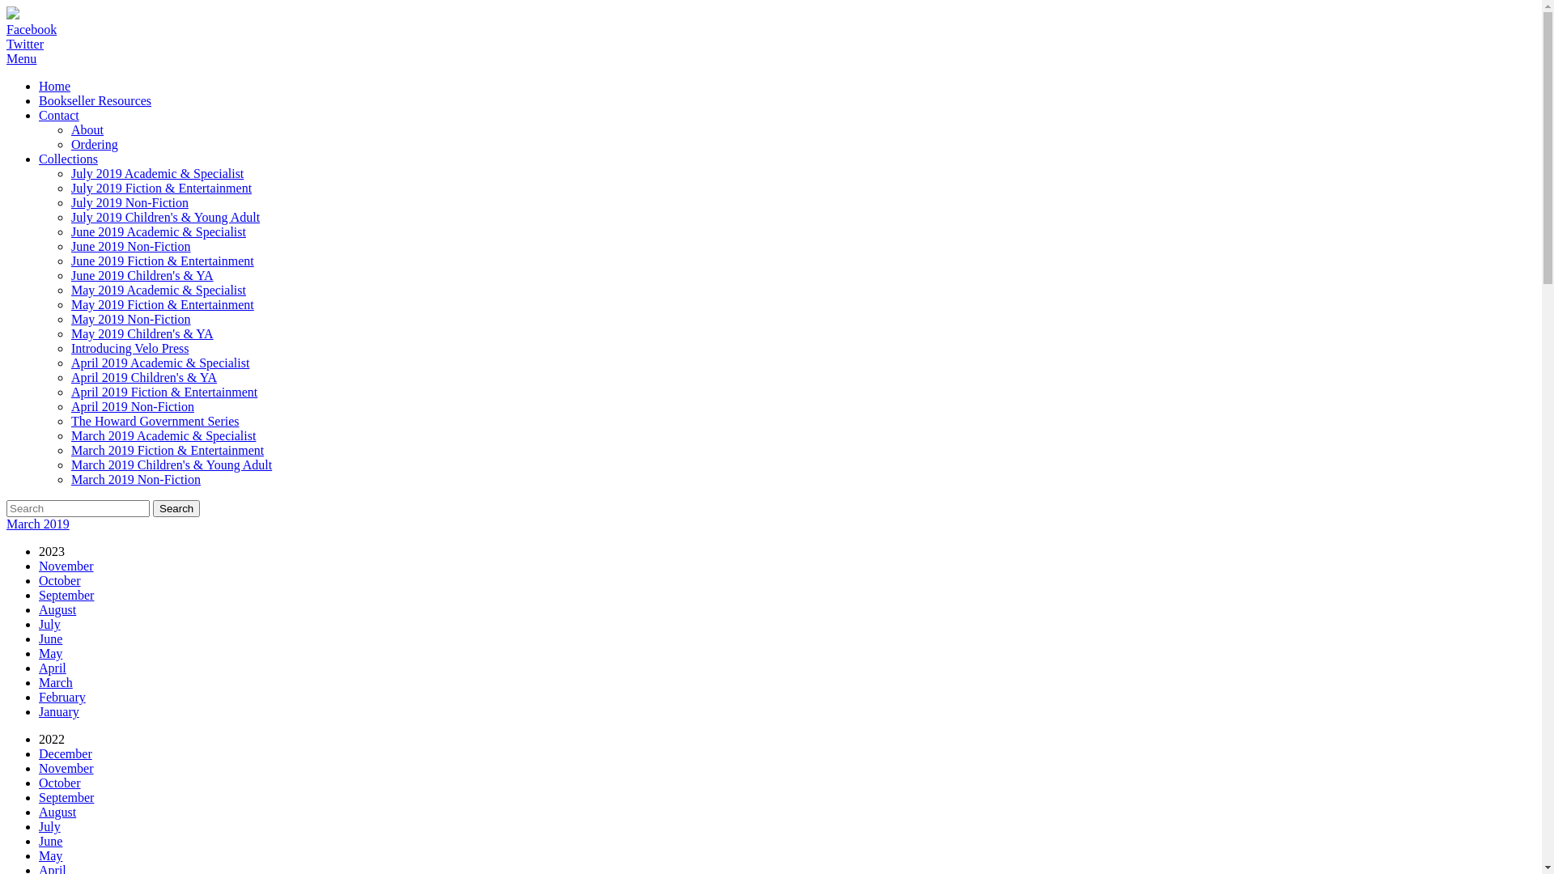 The height and width of the screenshot is (874, 1554). What do you see at coordinates (31, 29) in the screenshot?
I see `'Facebook'` at bounding box center [31, 29].